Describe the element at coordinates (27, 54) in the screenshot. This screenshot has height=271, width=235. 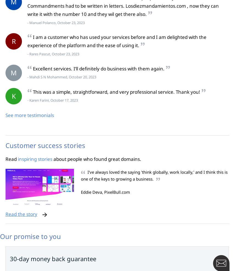
I see `'- Rares Pascut, October 23, 2023'` at that location.